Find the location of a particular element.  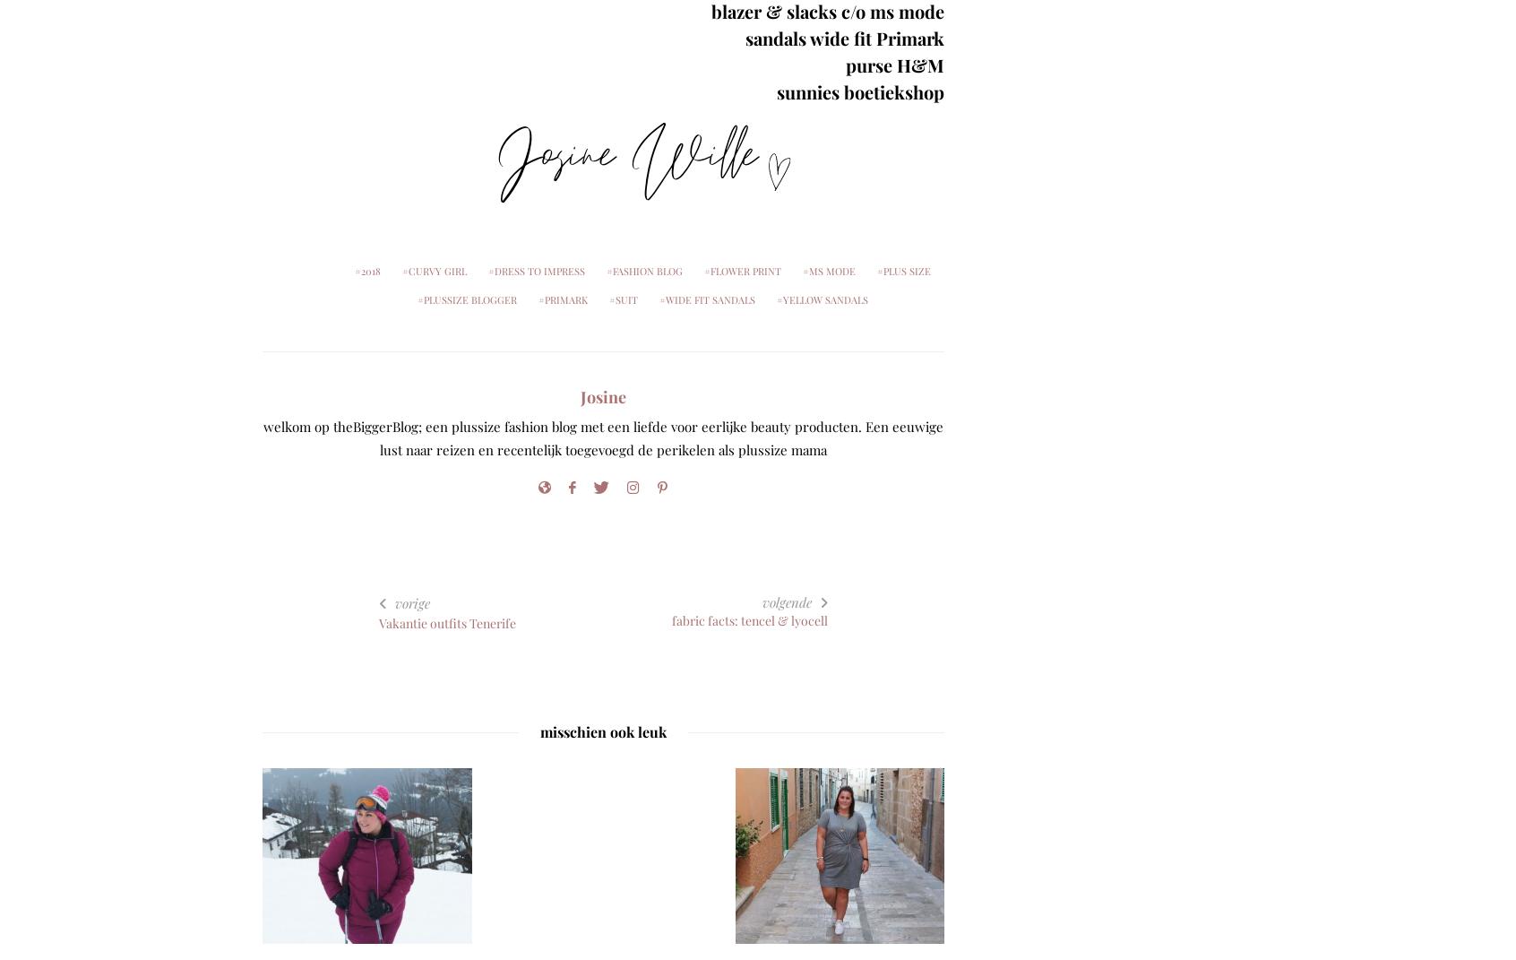

'Primark' is located at coordinates (564, 298).